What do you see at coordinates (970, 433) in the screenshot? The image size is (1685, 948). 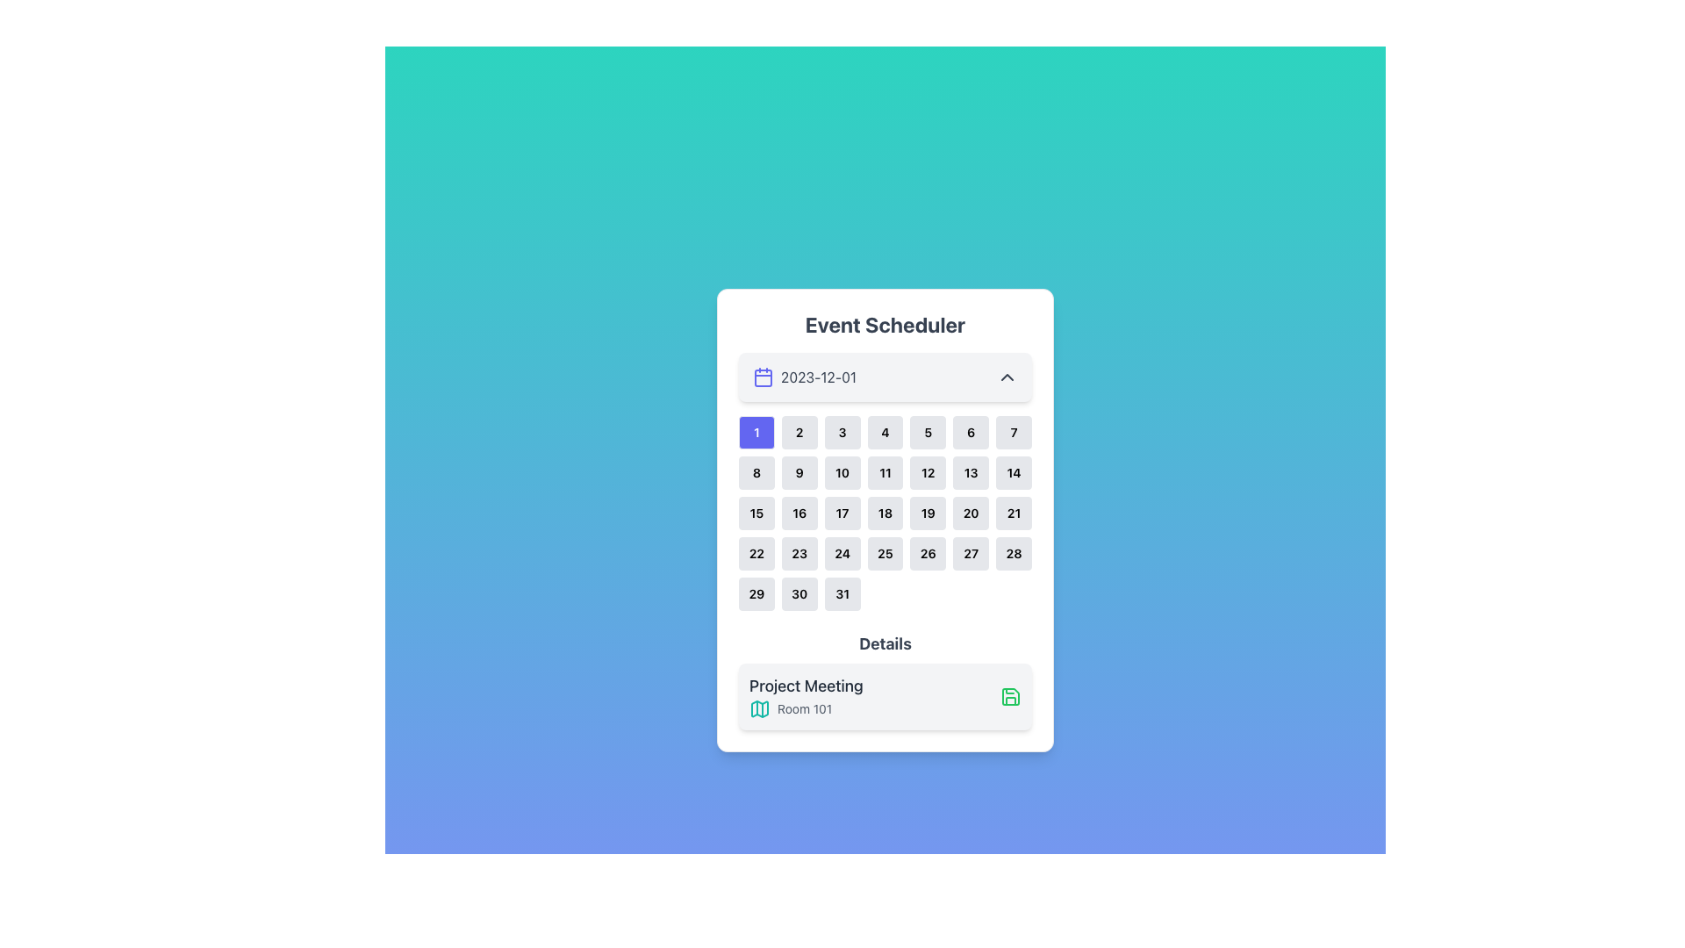 I see `the square button labeled '6' with rounded corners and a light-gray background` at bounding box center [970, 433].